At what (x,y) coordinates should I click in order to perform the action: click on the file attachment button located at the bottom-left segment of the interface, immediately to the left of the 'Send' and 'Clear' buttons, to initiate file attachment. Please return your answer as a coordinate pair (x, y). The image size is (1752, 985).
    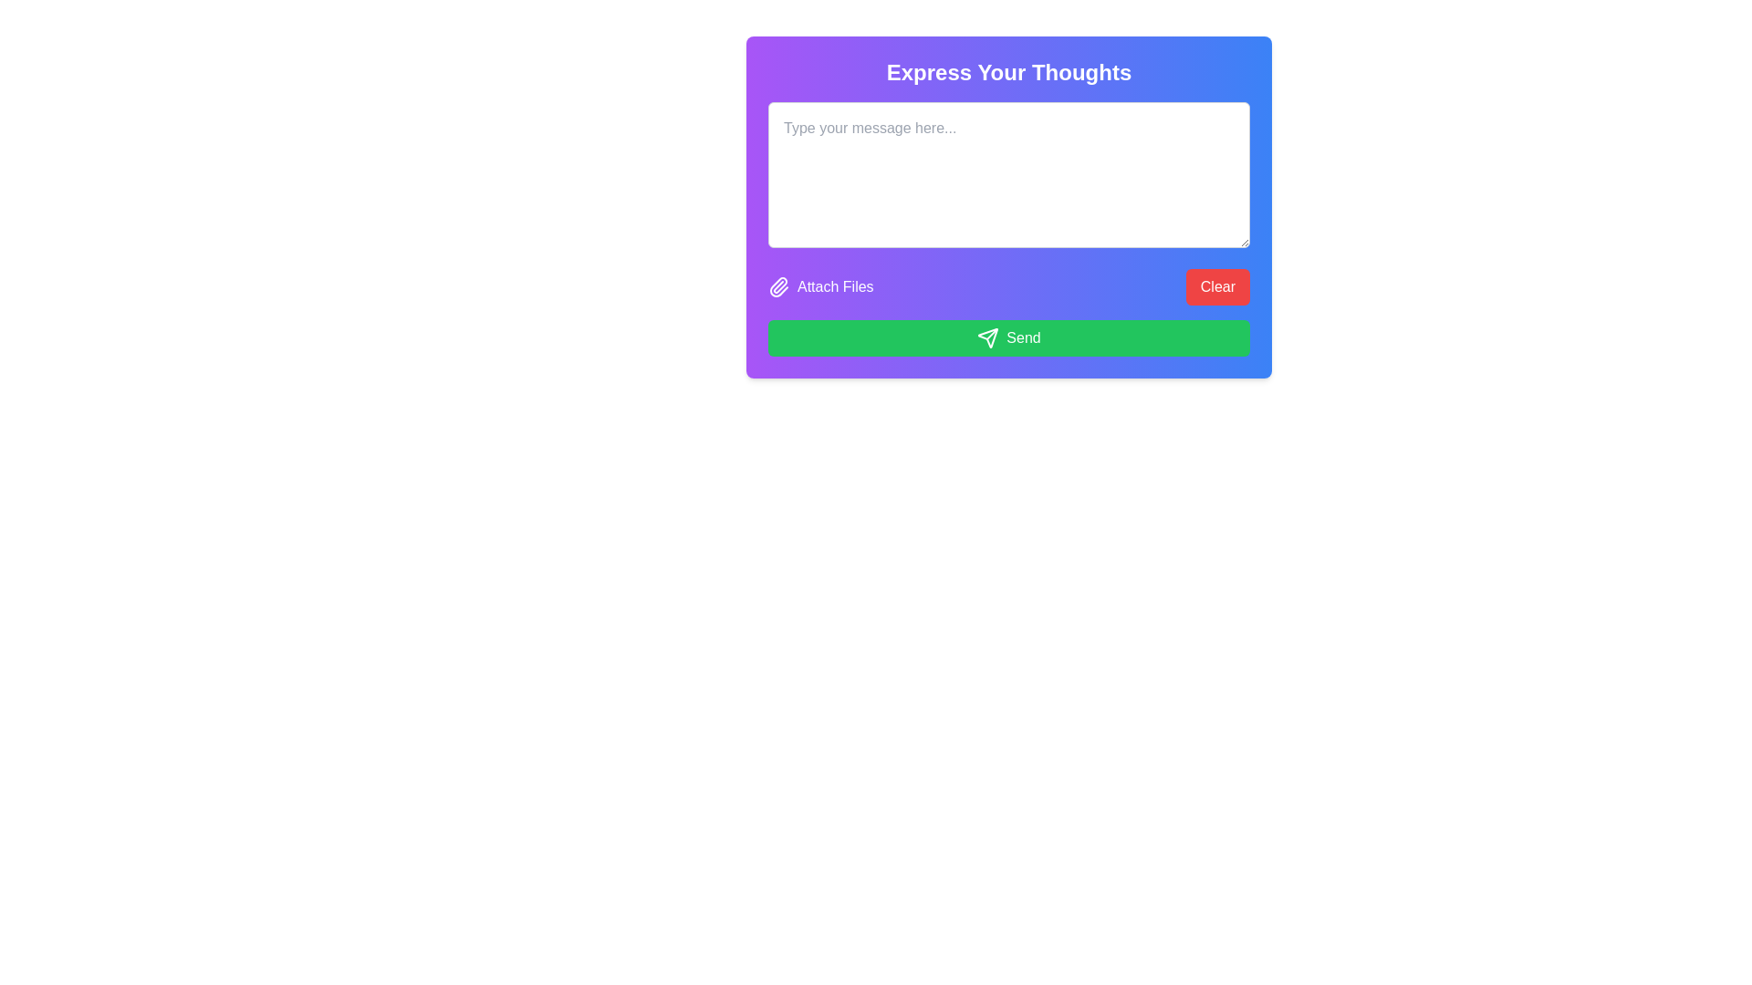
    Looking at the image, I should click on (819, 287).